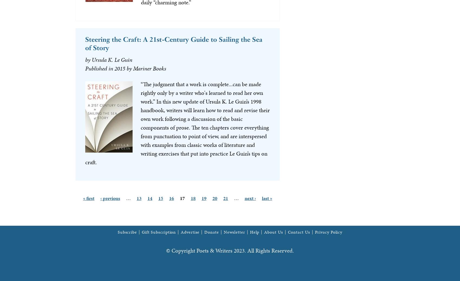 This screenshot has width=460, height=281. What do you see at coordinates (158, 232) in the screenshot?
I see `'Gift Subscription'` at bounding box center [158, 232].